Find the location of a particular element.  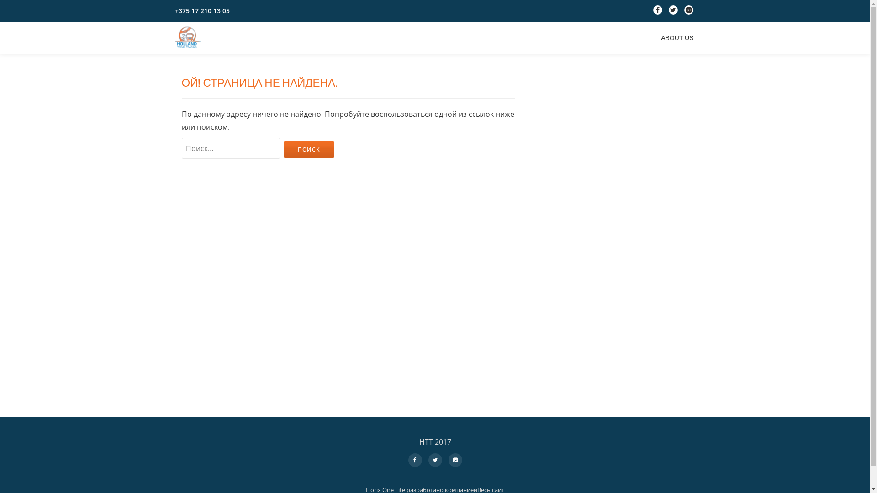

'fa-twitter' is located at coordinates (673, 12).